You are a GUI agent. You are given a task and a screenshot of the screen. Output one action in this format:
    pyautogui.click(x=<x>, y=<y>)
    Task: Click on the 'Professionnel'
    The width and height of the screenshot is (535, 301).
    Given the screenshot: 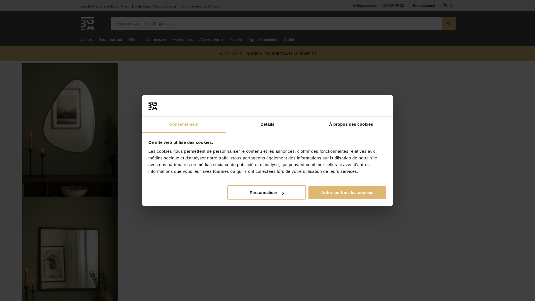 What is the action you would take?
    pyautogui.click(x=424, y=5)
    